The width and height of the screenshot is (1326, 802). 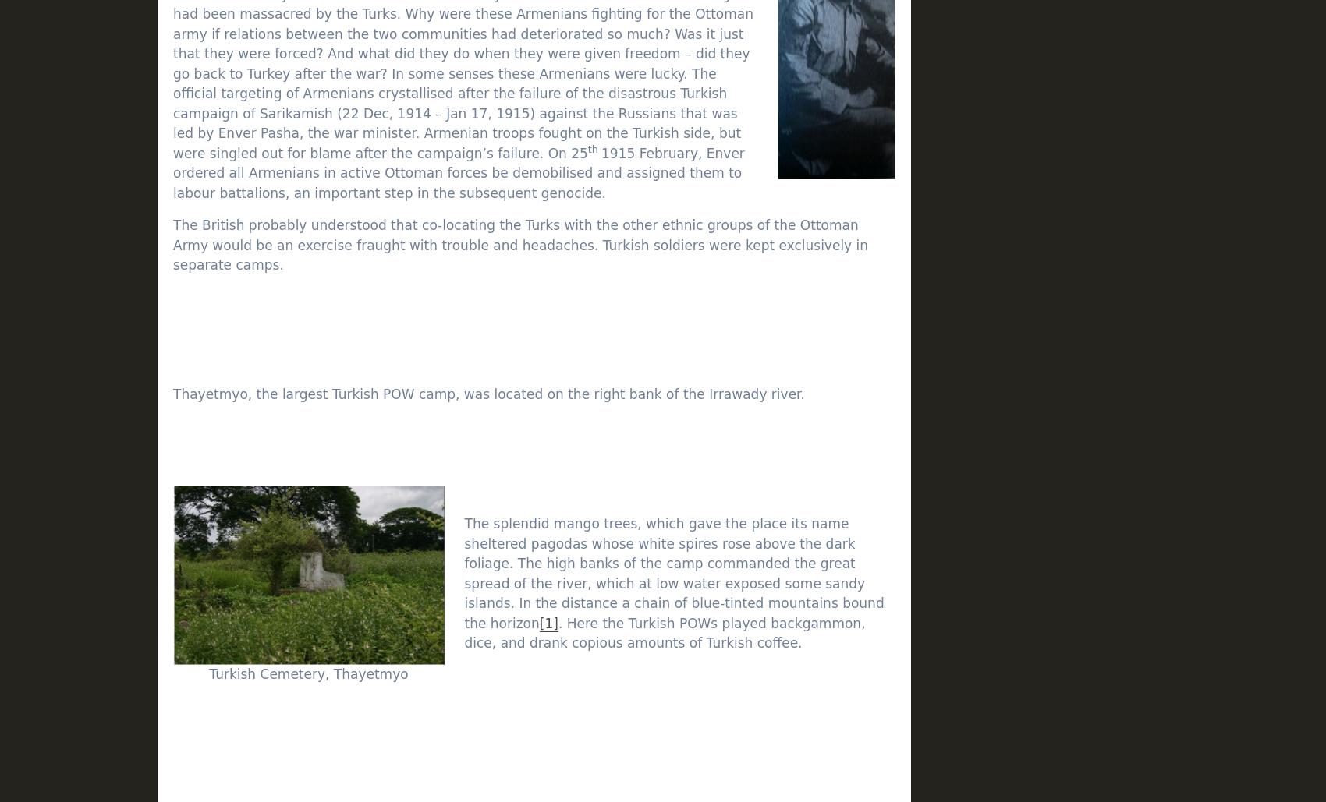 What do you see at coordinates (989, 420) in the screenshot?
I see `'April 2011'` at bounding box center [989, 420].